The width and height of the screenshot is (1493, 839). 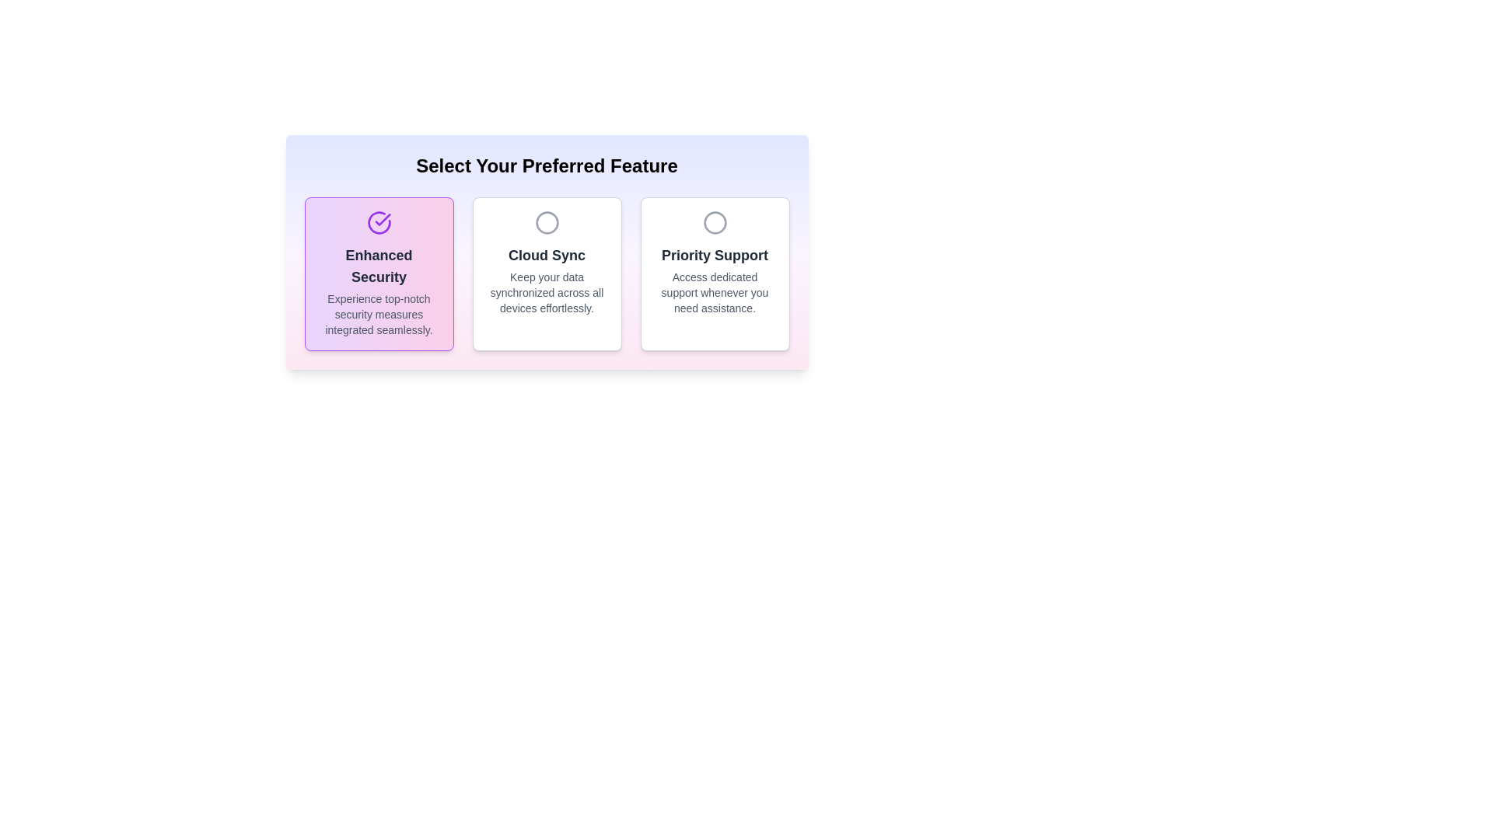 What do you see at coordinates (547, 222) in the screenshot?
I see `the decorative 'Cloud Sync' icon located in the center of the second card under the 'Select Your Preferred Feature' heading` at bounding box center [547, 222].